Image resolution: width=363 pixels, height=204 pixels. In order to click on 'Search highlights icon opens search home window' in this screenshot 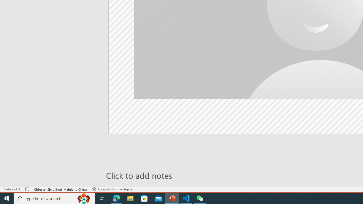, I will do `click(83, 198)`.